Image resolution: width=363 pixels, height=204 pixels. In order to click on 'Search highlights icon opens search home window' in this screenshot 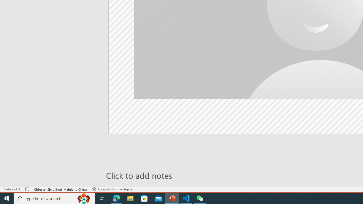, I will do `click(83, 198)`.